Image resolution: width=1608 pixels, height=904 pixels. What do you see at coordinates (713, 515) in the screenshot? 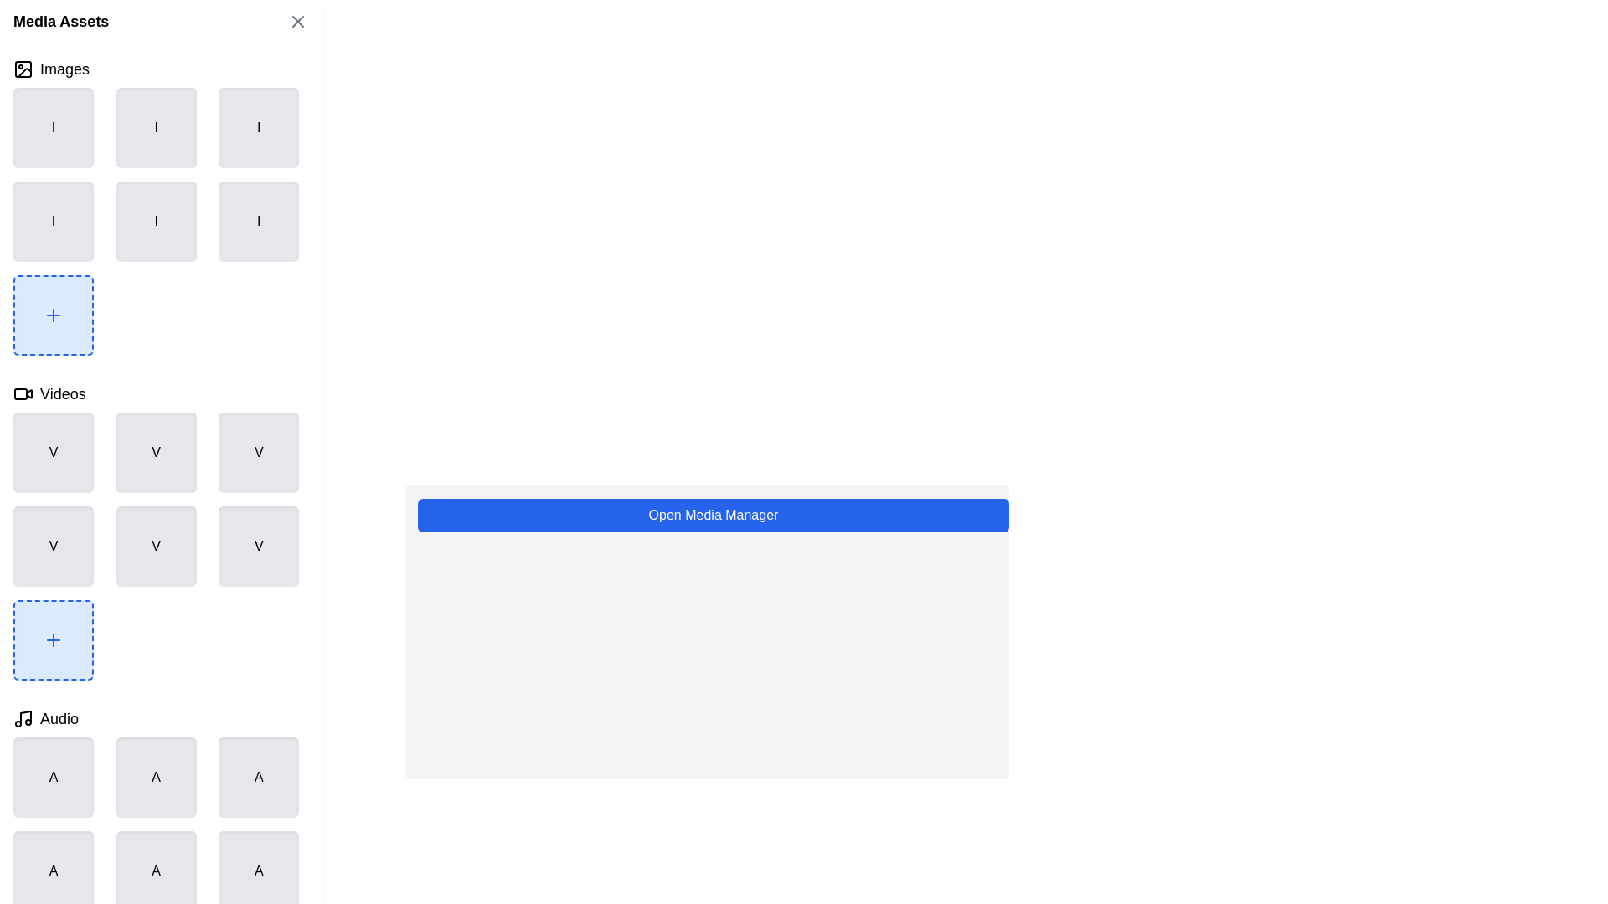
I see `the blue button labeled 'Open Media Manager'` at bounding box center [713, 515].